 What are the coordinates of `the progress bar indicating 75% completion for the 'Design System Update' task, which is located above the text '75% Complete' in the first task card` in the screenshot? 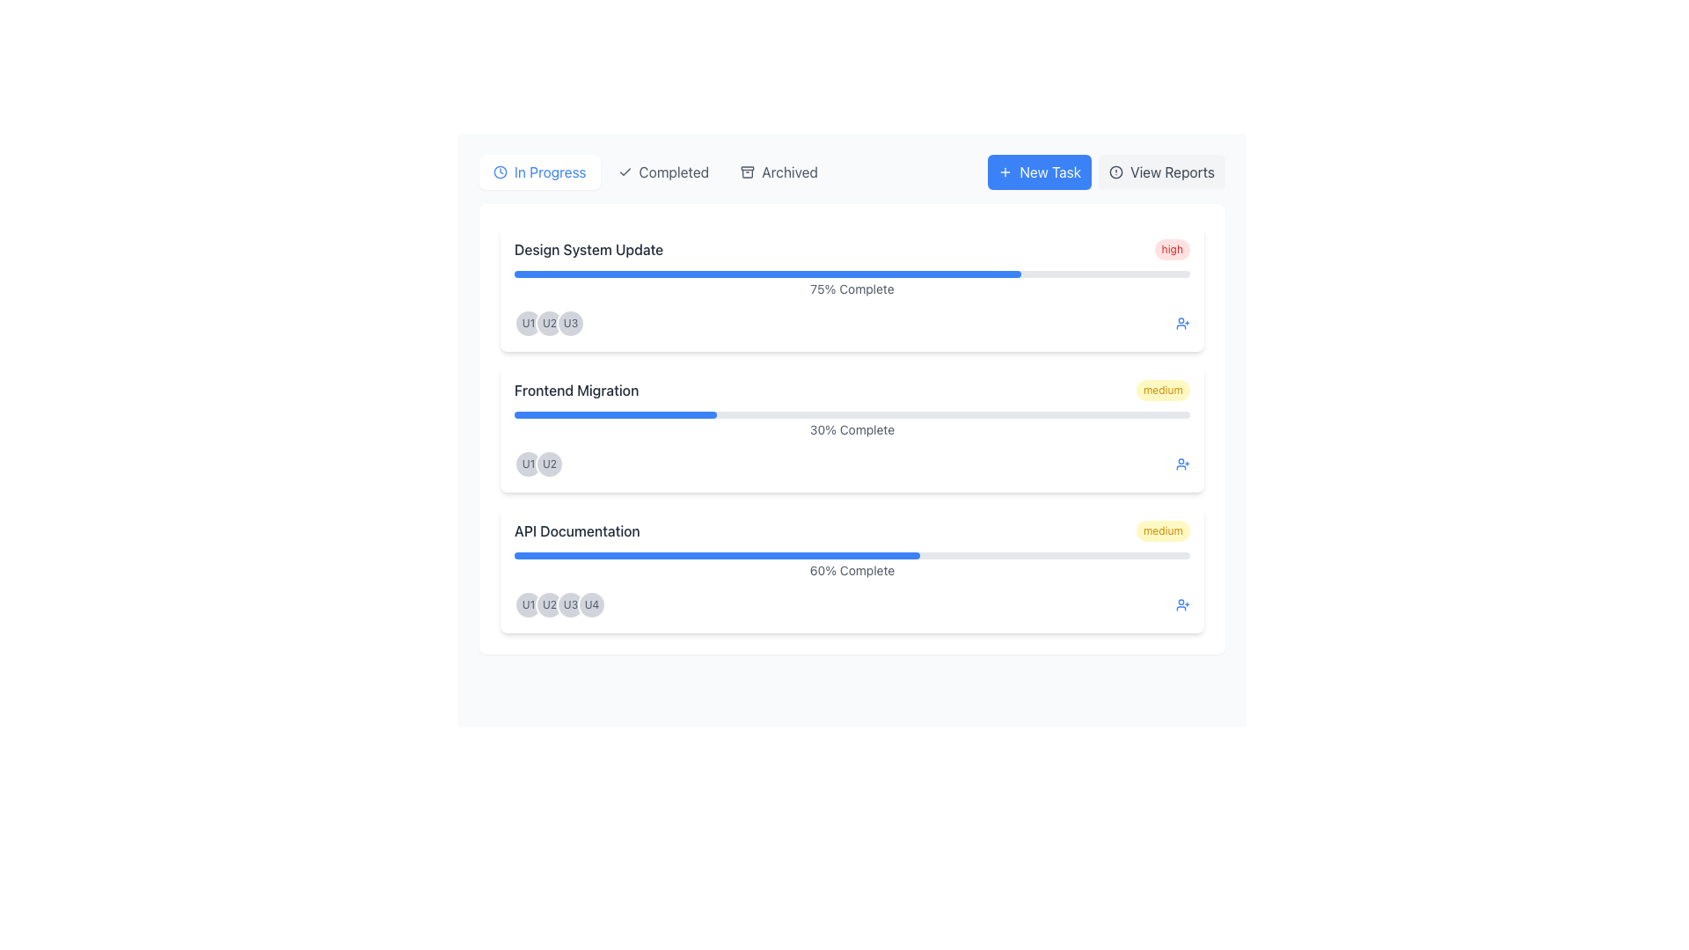 It's located at (768, 274).